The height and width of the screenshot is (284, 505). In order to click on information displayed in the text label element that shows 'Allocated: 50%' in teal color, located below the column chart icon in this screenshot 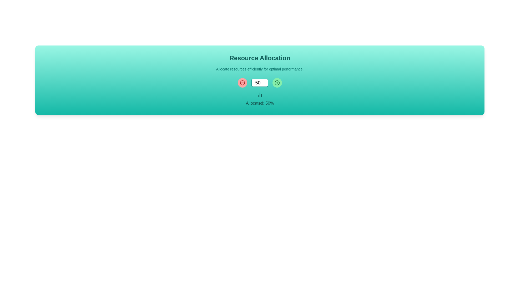, I will do `click(260, 103)`.